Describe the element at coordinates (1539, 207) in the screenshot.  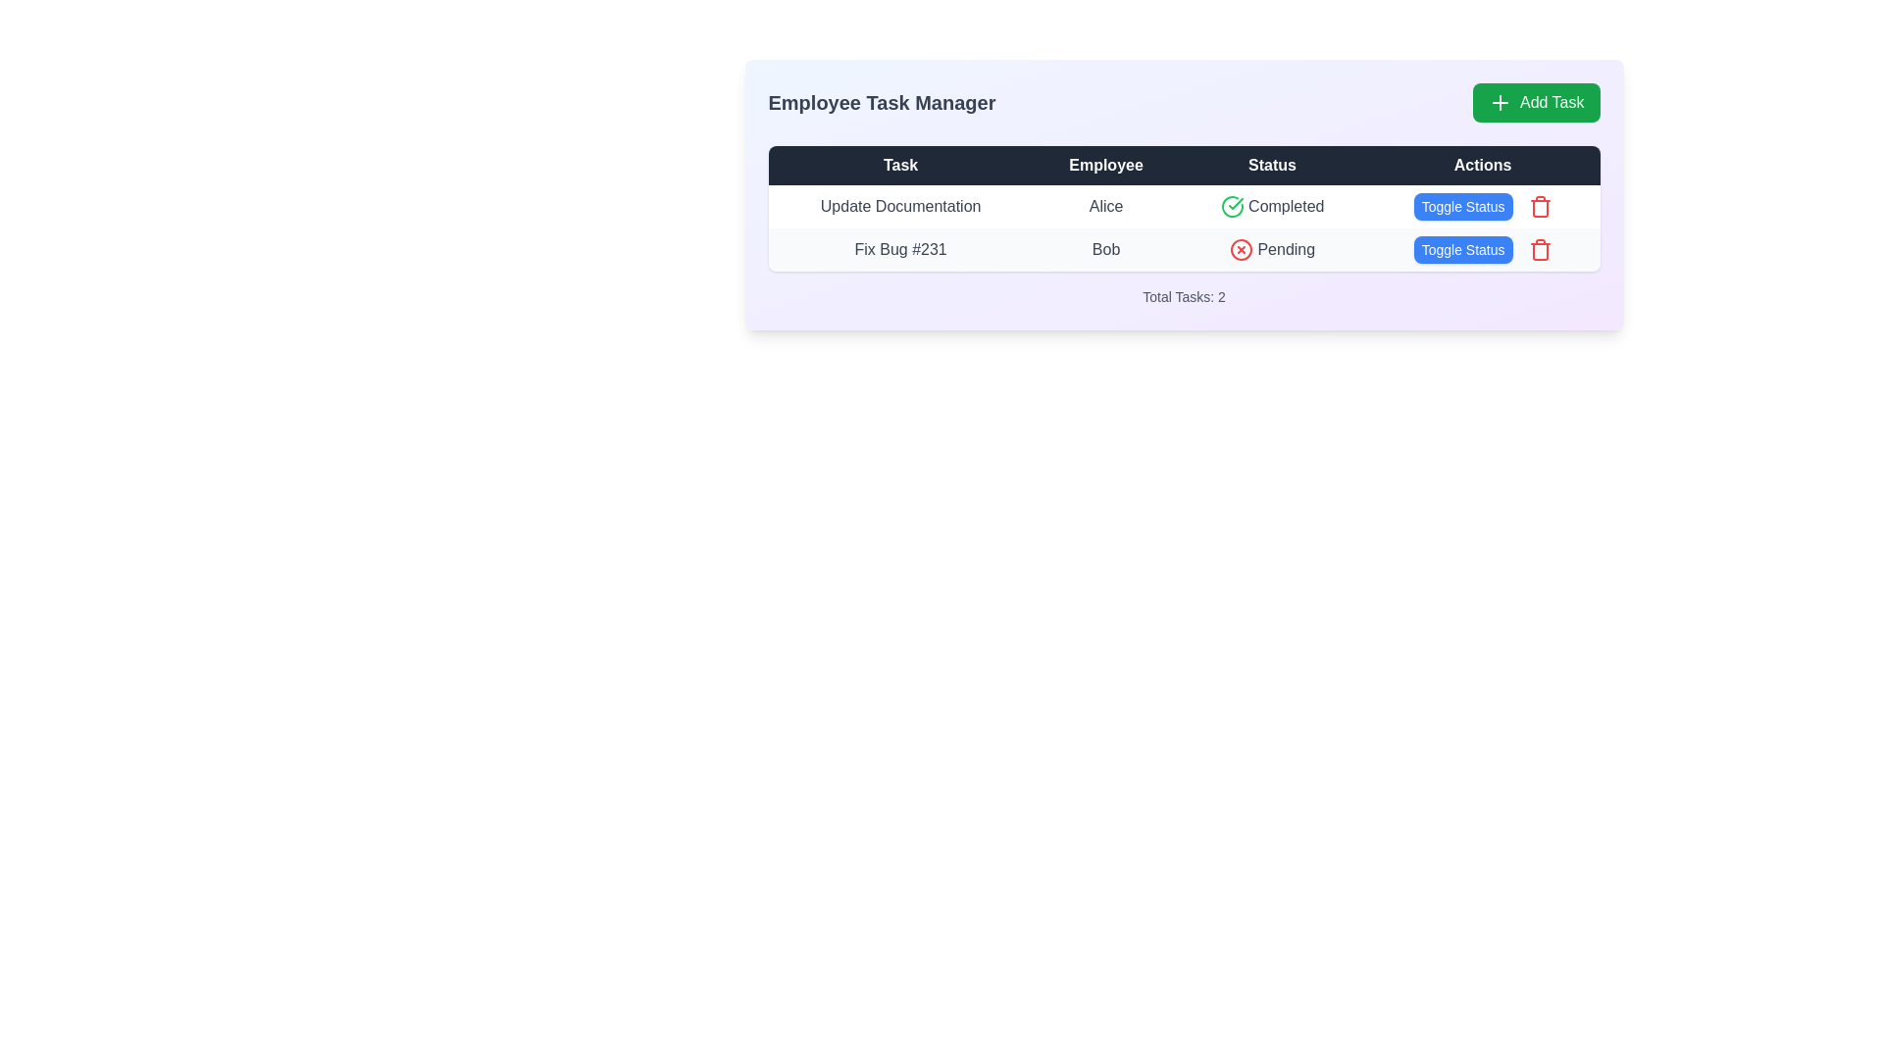
I see `the delete button located in the 'Actions' column of the table, positioned to the right of the 'Toggle Status' button, to trigger any potential visual effects` at that location.